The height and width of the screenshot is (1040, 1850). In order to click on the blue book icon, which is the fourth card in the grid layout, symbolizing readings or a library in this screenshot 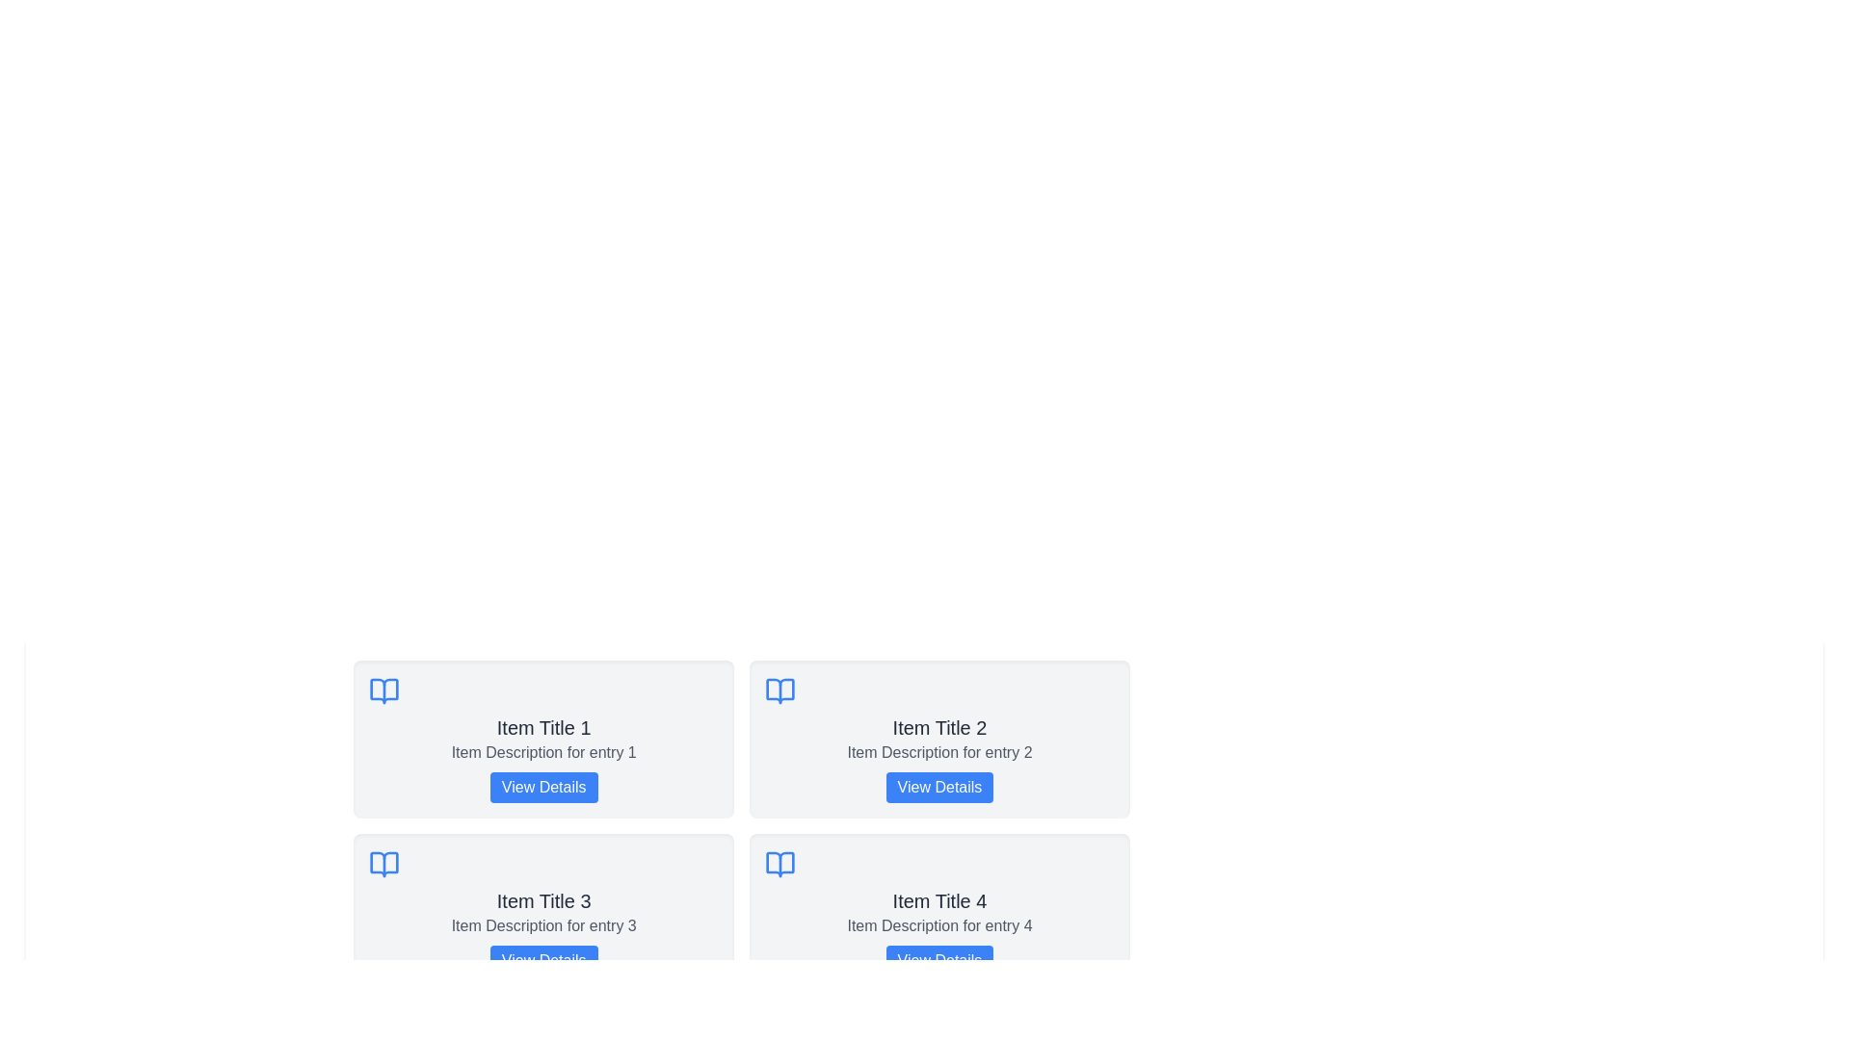, I will do `click(780, 864)`.